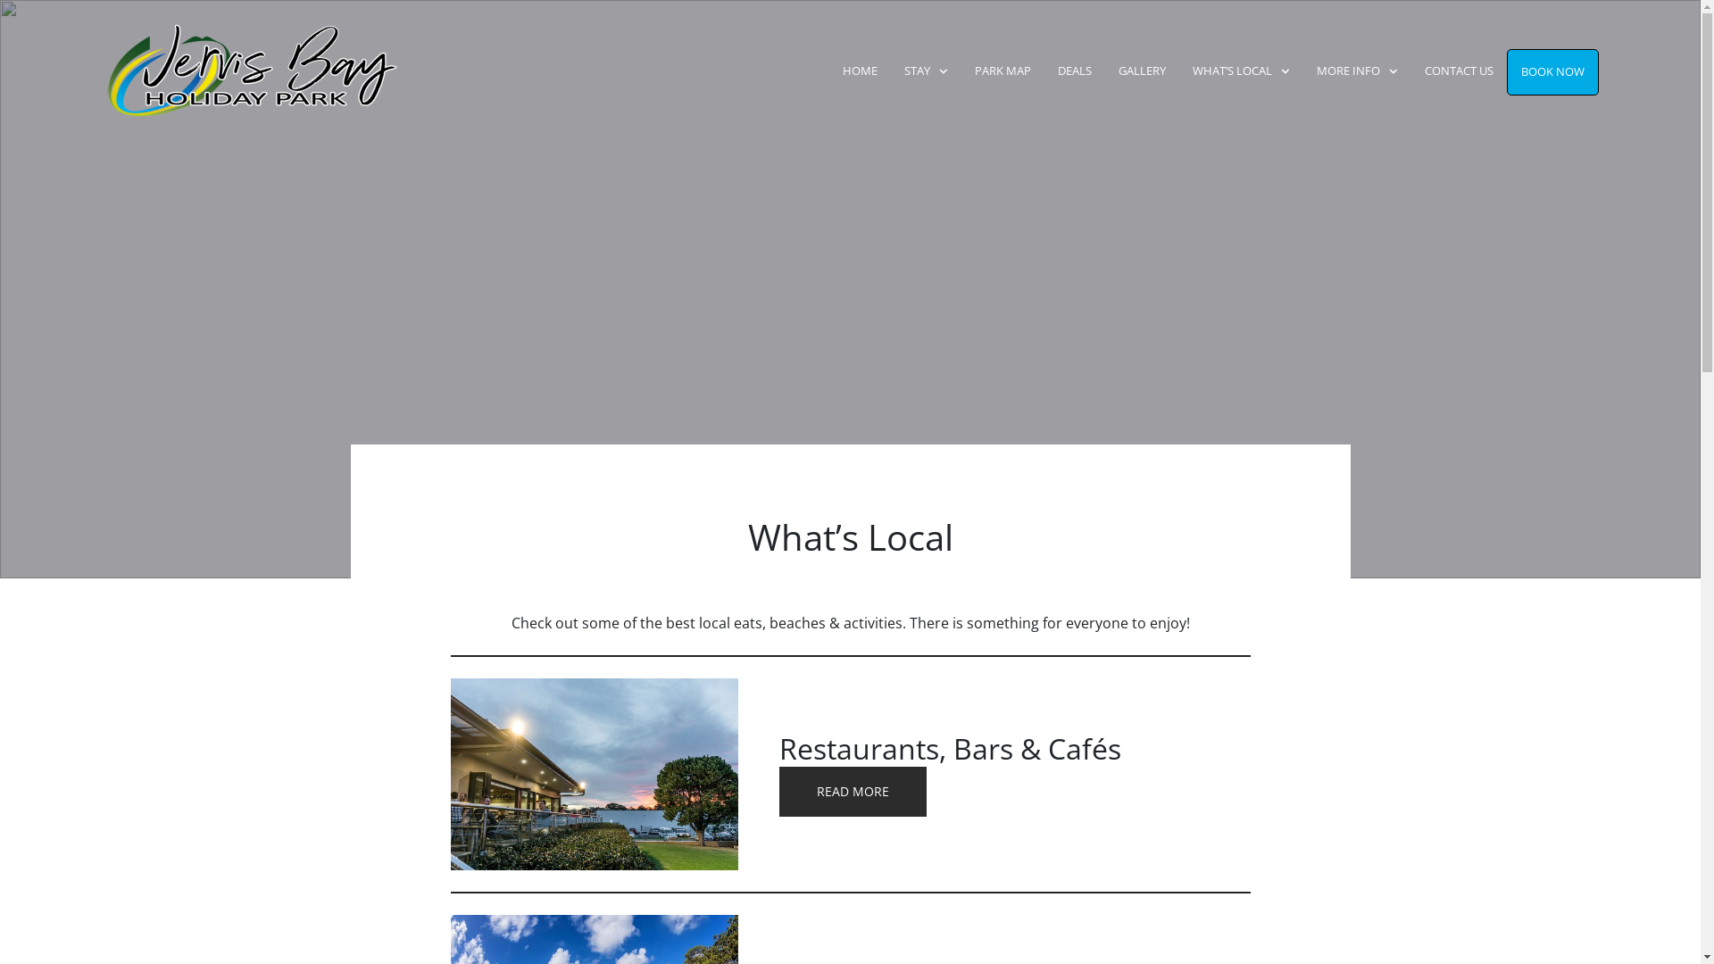 The width and height of the screenshot is (1714, 964). I want to click on 'HOME', so click(860, 71).